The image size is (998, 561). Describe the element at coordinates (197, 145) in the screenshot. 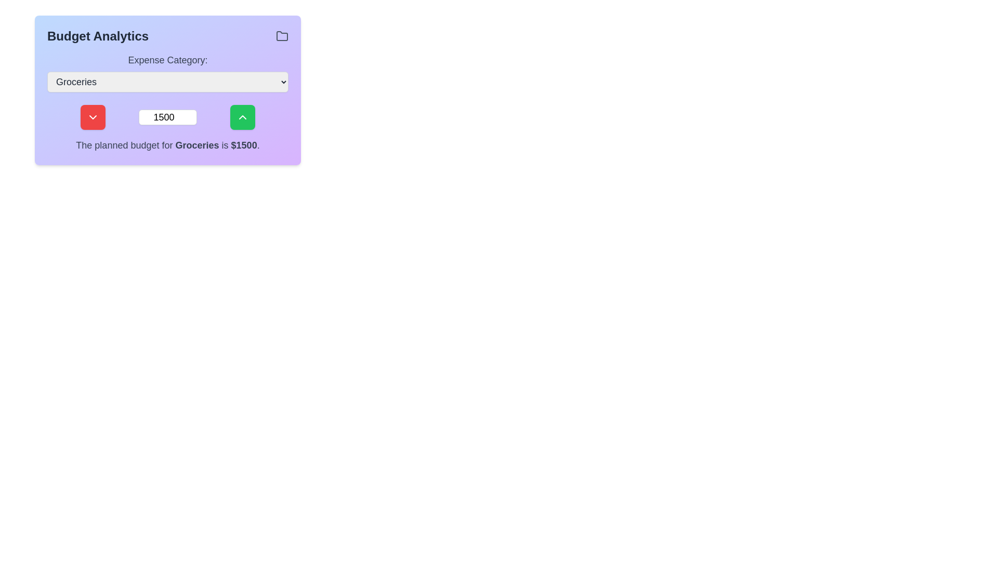

I see `the static text element displaying the word 'Groceries', which is styled in a medium-weight sans-serif font and is dark gray in color, located within the sentence about the planned budget` at that location.